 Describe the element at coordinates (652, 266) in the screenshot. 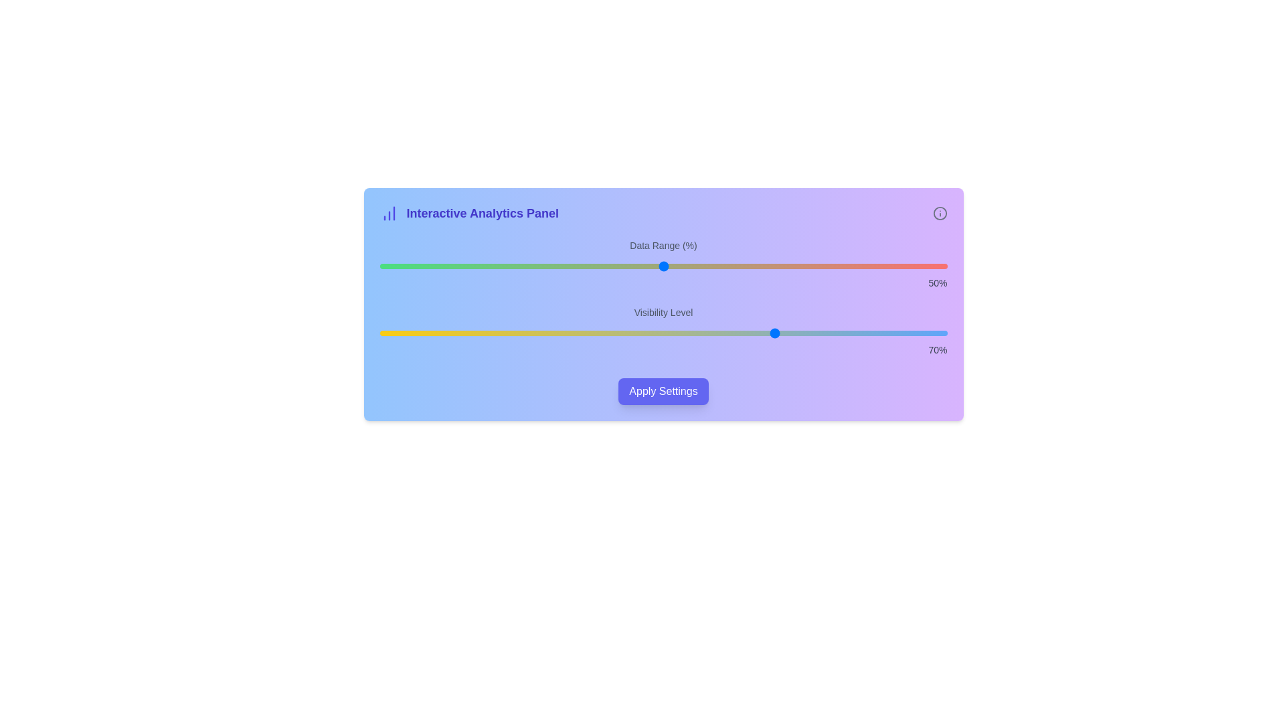

I see `the 'Data Range (%)' slider to 48% value` at that location.